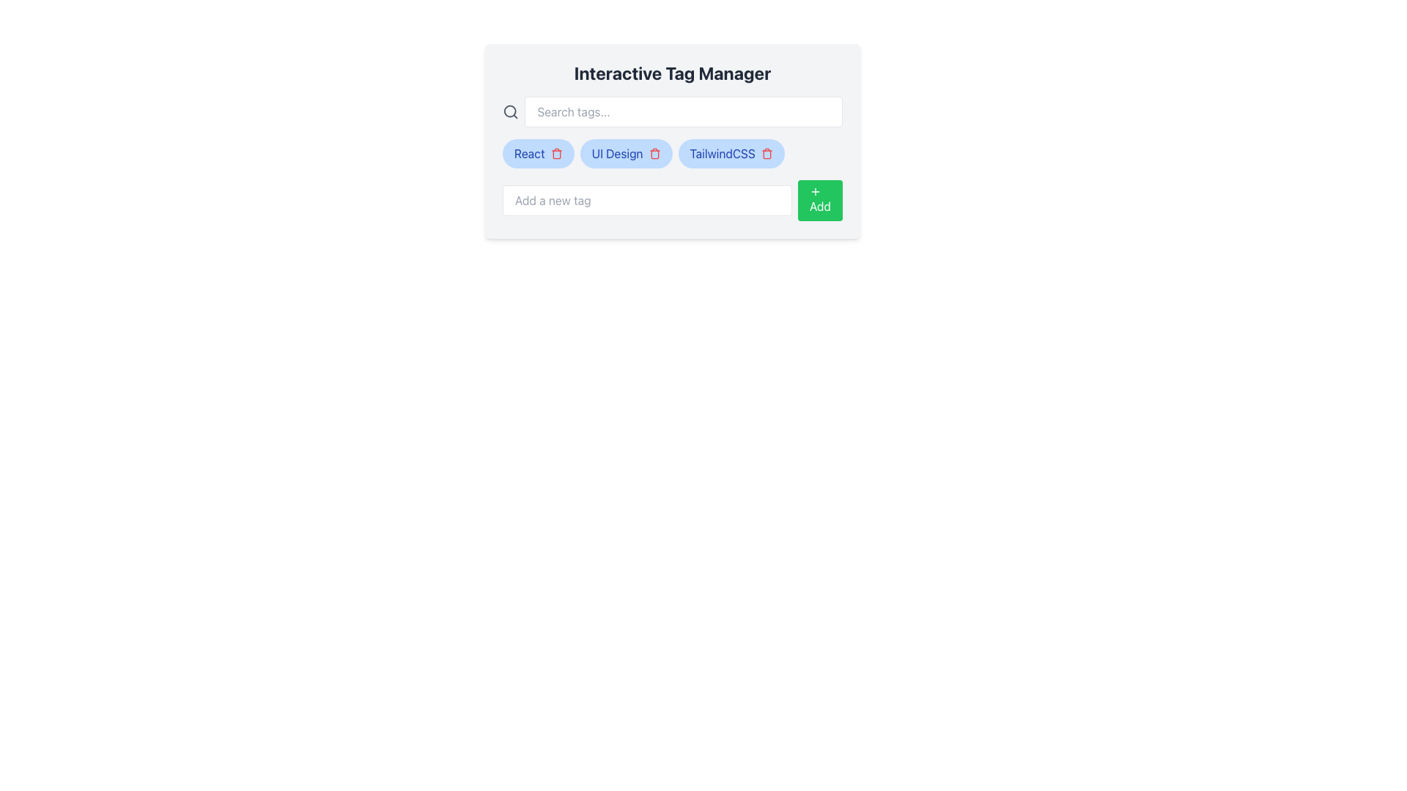 This screenshot has width=1407, height=791. I want to click on the '+' icon located within the 'Add' button on the right side of the interface, so click(815, 191).